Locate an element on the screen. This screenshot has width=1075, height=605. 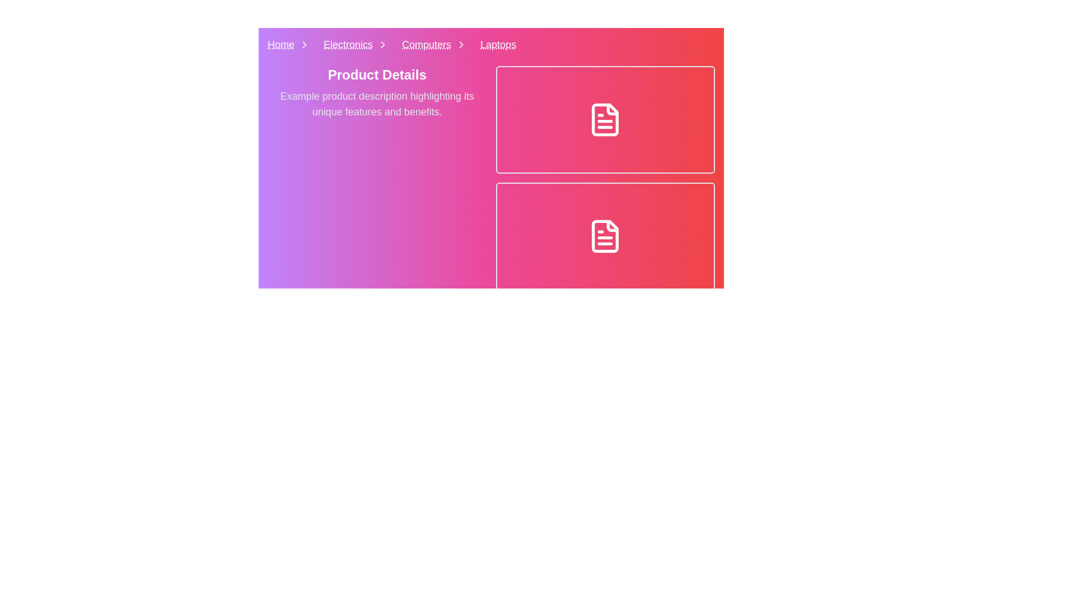
the 'Home' hyperlink, which is the first item in the breadcrumb navigation bar is located at coordinates (281, 44).